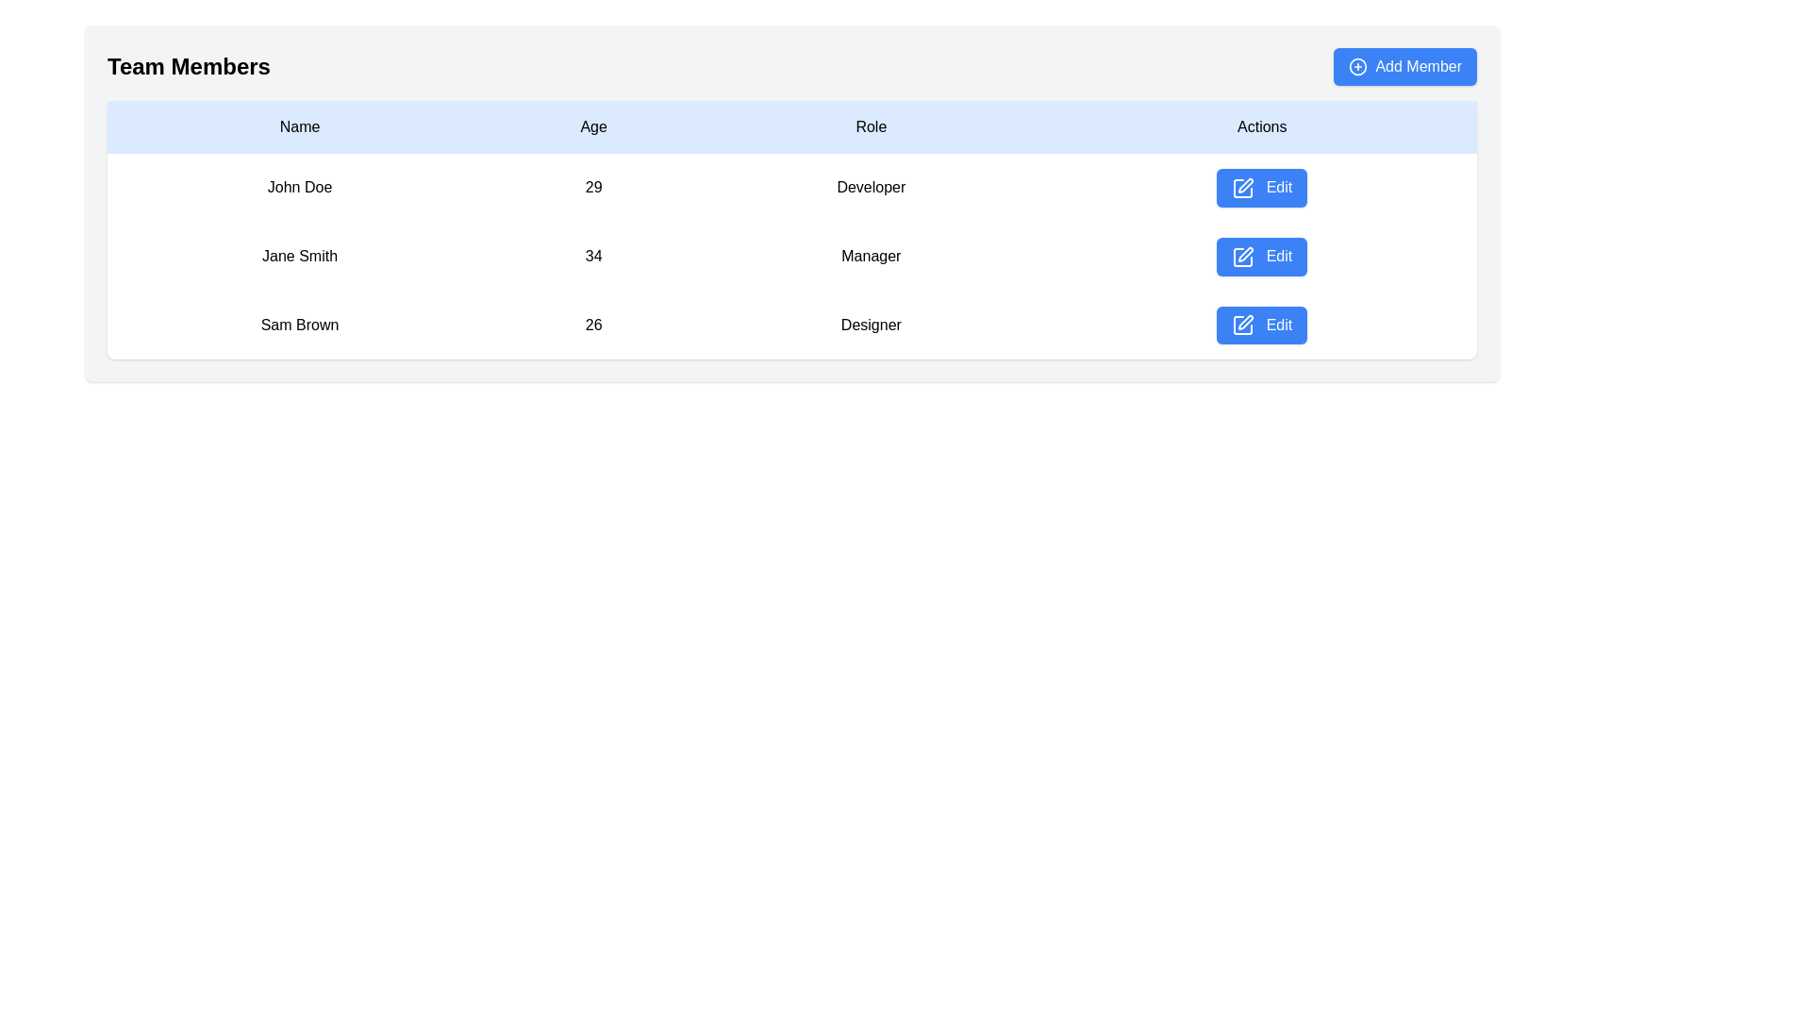  Describe the element at coordinates (1262, 188) in the screenshot. I see `the edit button located in the last column of the first row of the table grid under the 'Actions' column, corresponding to the entry for 'John Doe'` at that location.